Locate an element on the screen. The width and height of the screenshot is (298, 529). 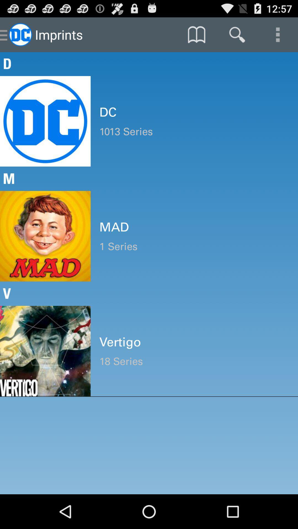
icon below the d is located at coordinates (194, 112).